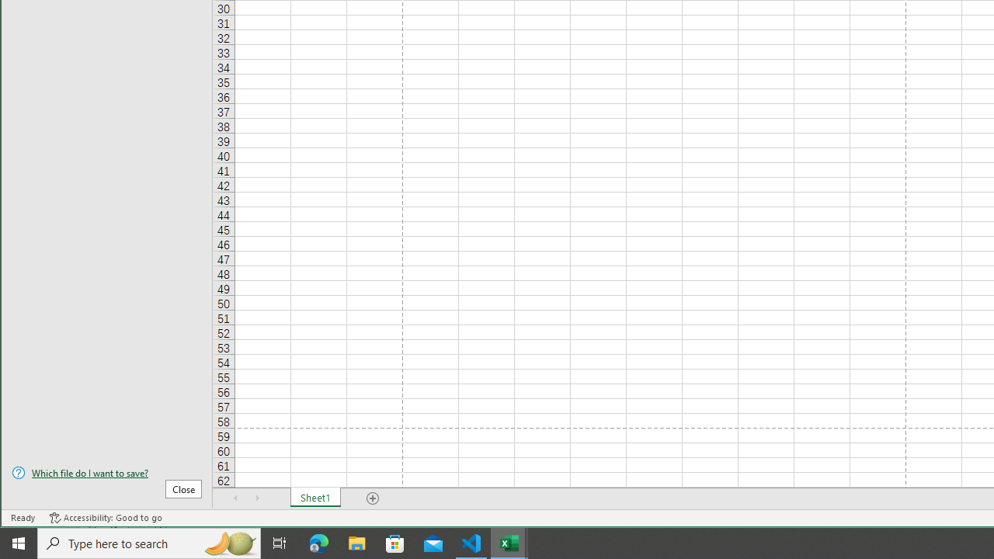 This screenshot has height=559, width=994. Describe the element at coordinates (279, 542) in the screenshot. I see `'Task View'` at that location.